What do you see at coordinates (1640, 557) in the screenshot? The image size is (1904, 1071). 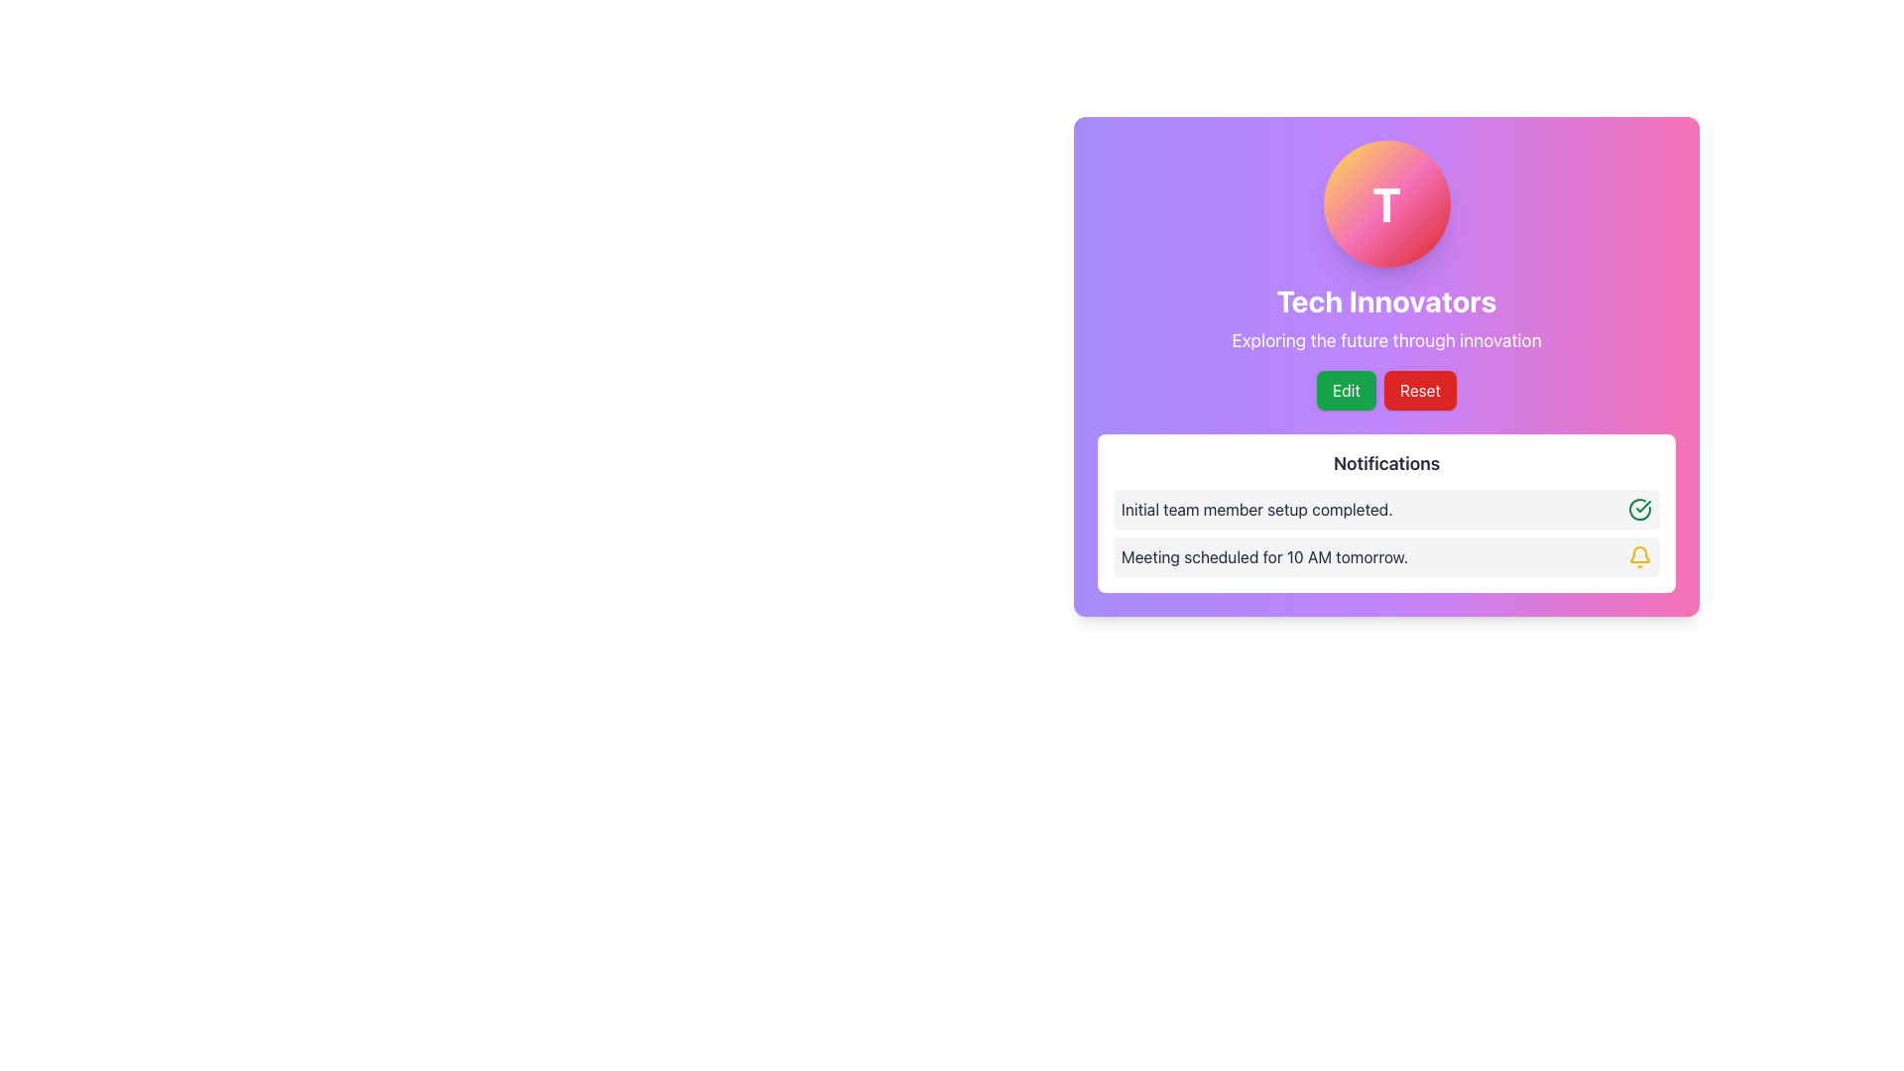 I see `the bell-shaped notification icon with a yellow outline, located at the bottom-right corner of the notification card containing the text 'Meeting scheduled for 10 AM tomorrow.'` at bounding box center [1640, 557].